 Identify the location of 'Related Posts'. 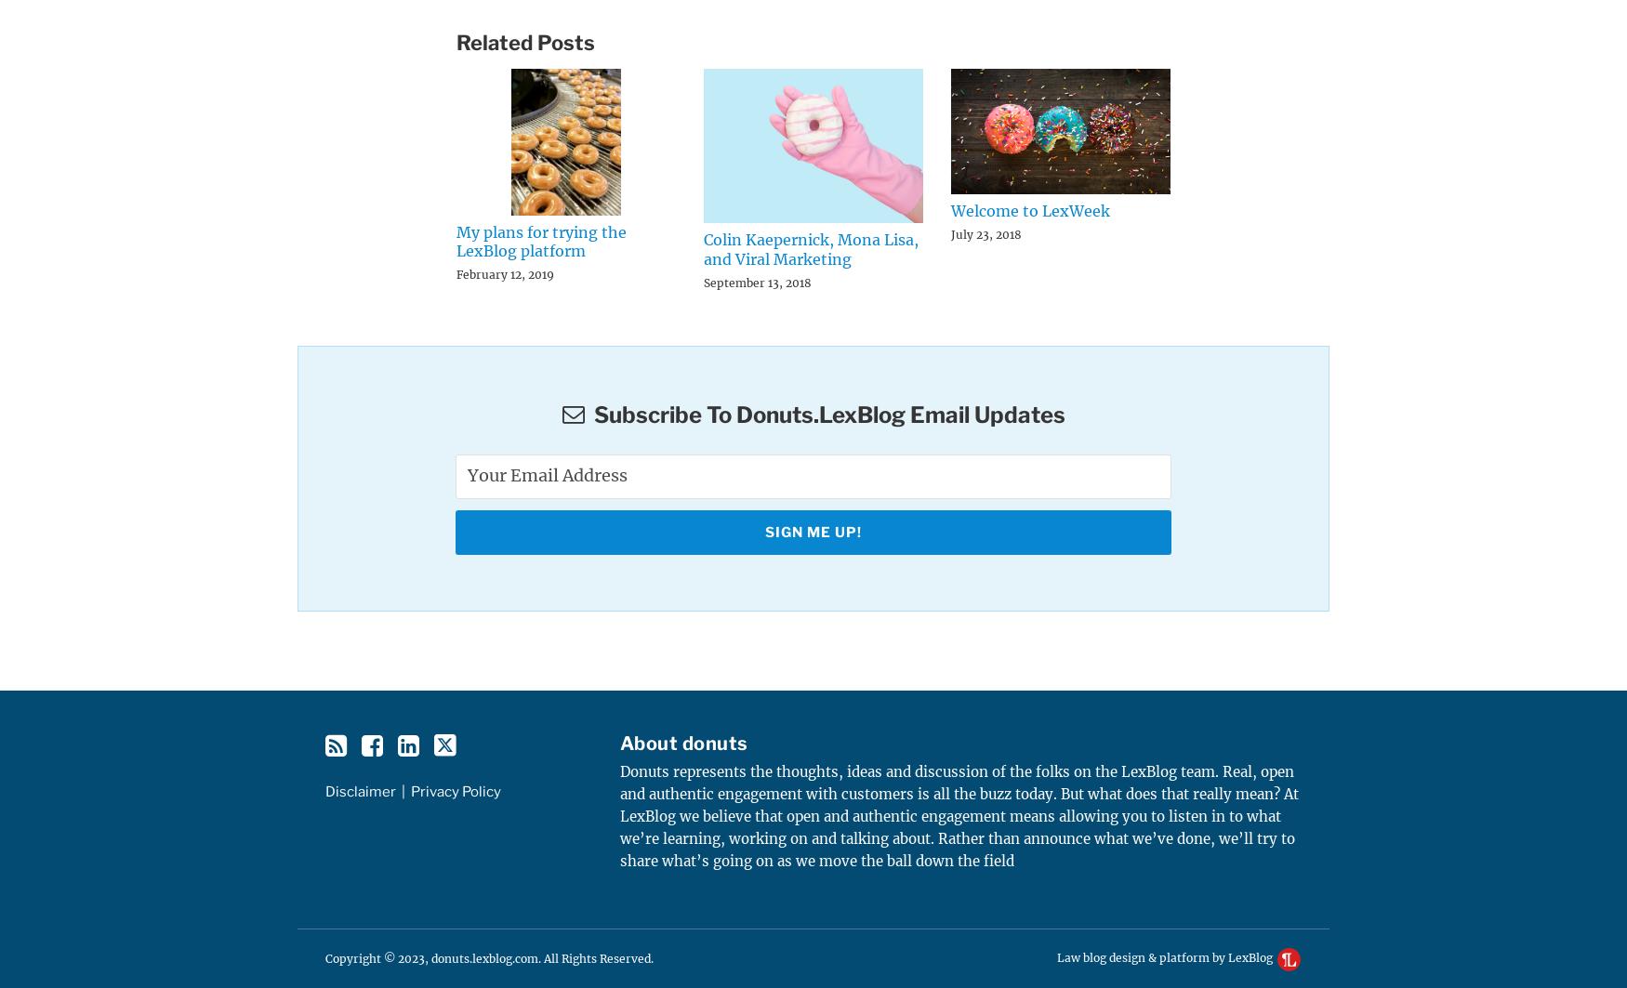
(525, 41).